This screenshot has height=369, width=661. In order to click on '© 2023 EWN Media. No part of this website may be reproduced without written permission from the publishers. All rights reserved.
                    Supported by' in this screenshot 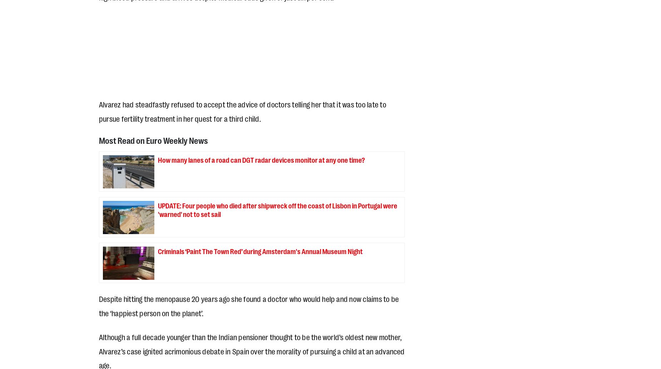, I will do `click(209, 314)`.